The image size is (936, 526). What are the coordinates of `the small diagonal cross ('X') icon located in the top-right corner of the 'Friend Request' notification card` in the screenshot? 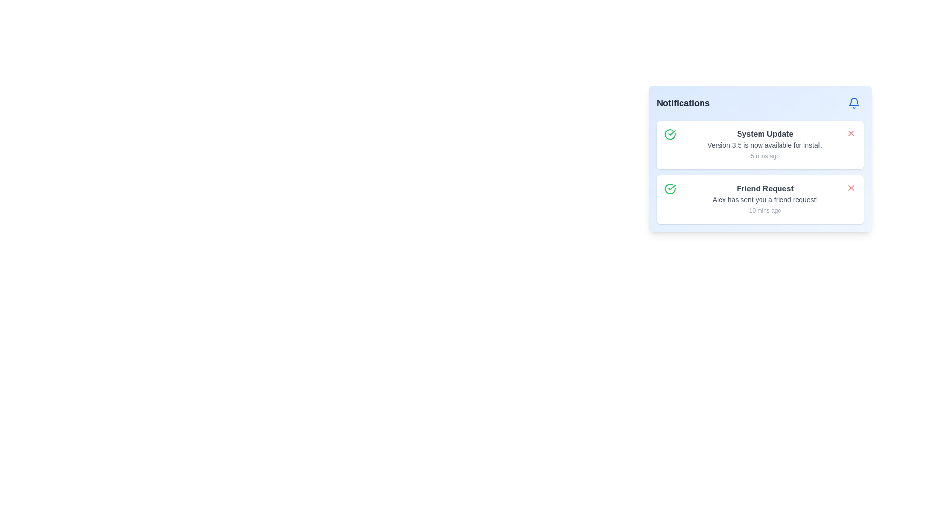 It's located at (851, 188).